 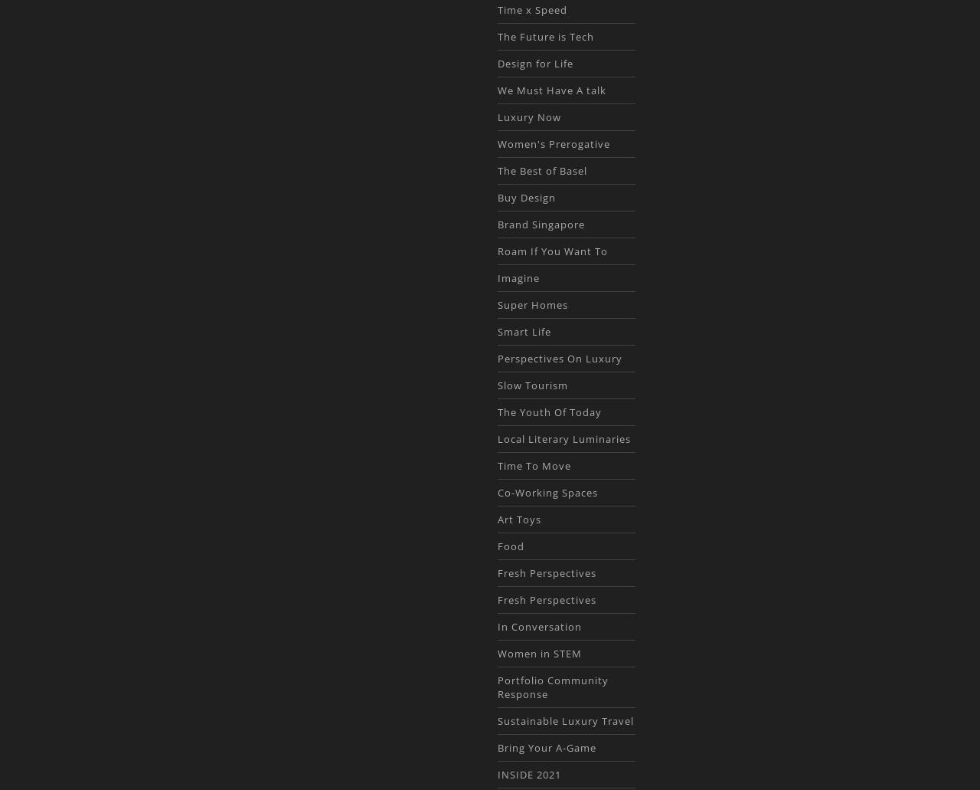 I want to click on 'Perspectives On Luxury', so click(x=558, y=358).